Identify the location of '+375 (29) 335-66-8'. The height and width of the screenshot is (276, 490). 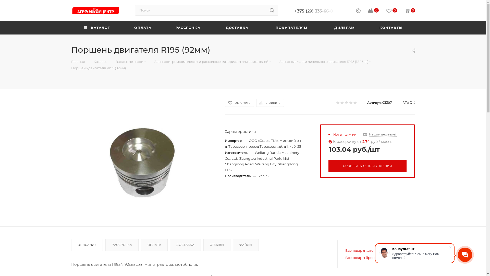
(315, 11).